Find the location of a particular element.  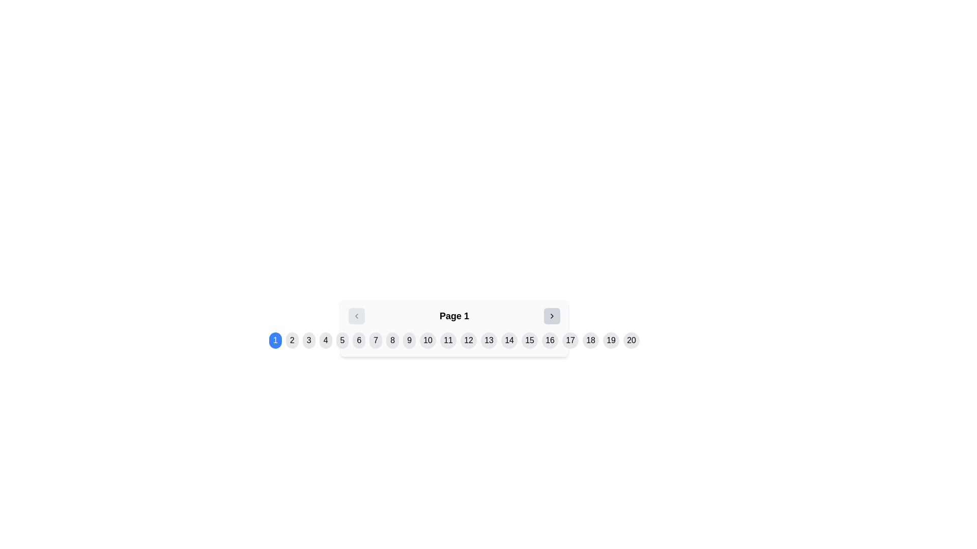

the pagination button for page 13, located between buttons '12' and '14' is located at coordinates (489, 341).